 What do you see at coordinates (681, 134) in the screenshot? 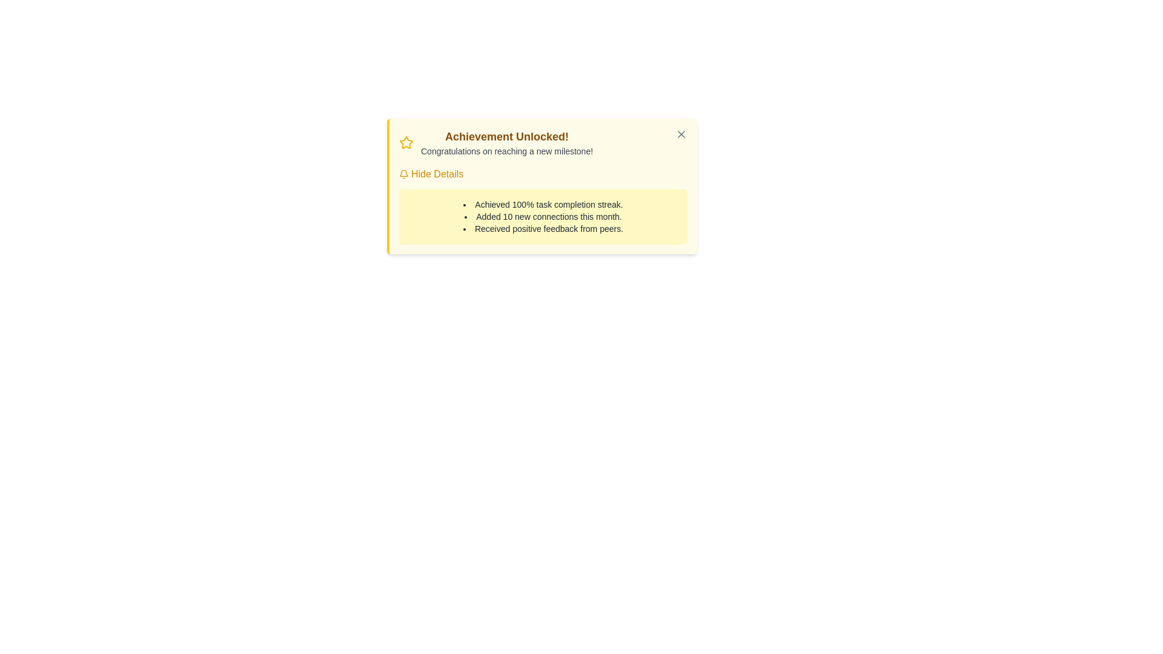
I see `the 'X' icon in the upper-right corner of the 'Achievement Unlocked!' notification card` at bounding box center [681, 134].